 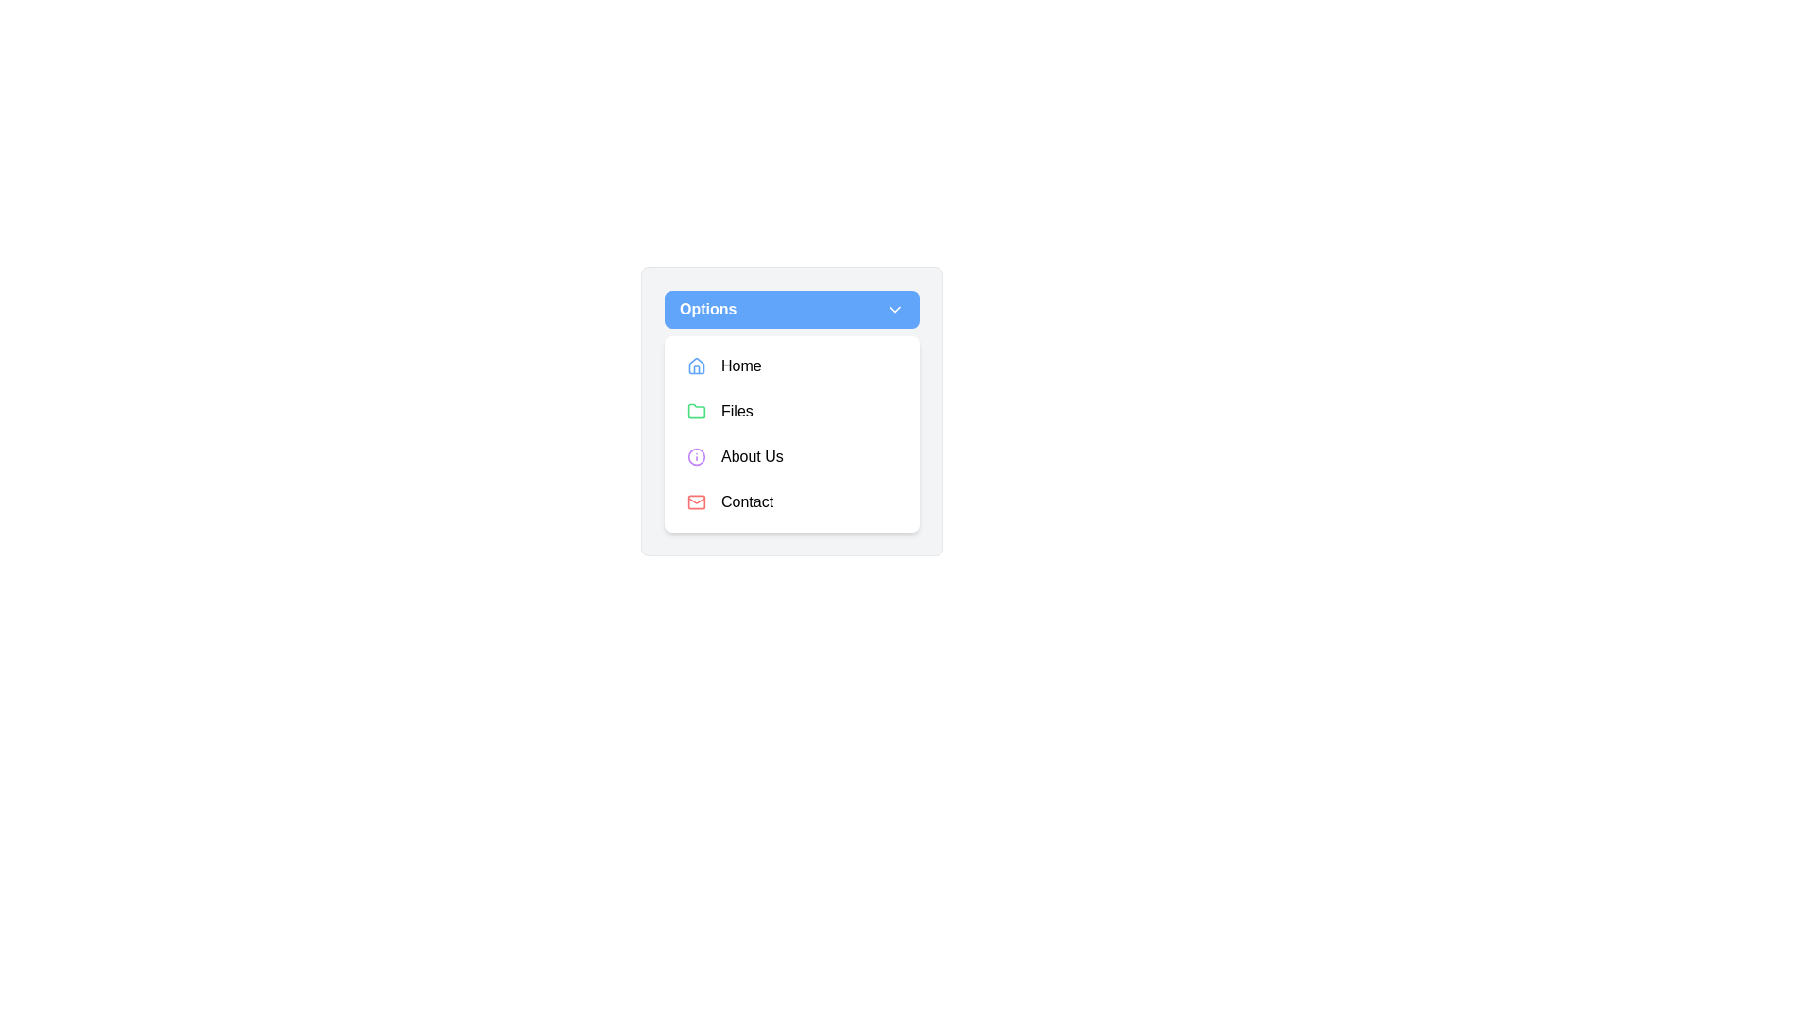 I want to click on the green folder icon located in the dropdown menu next to the 'Files' label, so click(x=696, y=410).